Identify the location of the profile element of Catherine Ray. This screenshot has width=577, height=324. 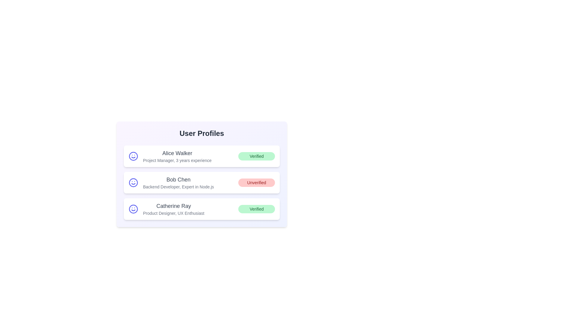
(202, 209).